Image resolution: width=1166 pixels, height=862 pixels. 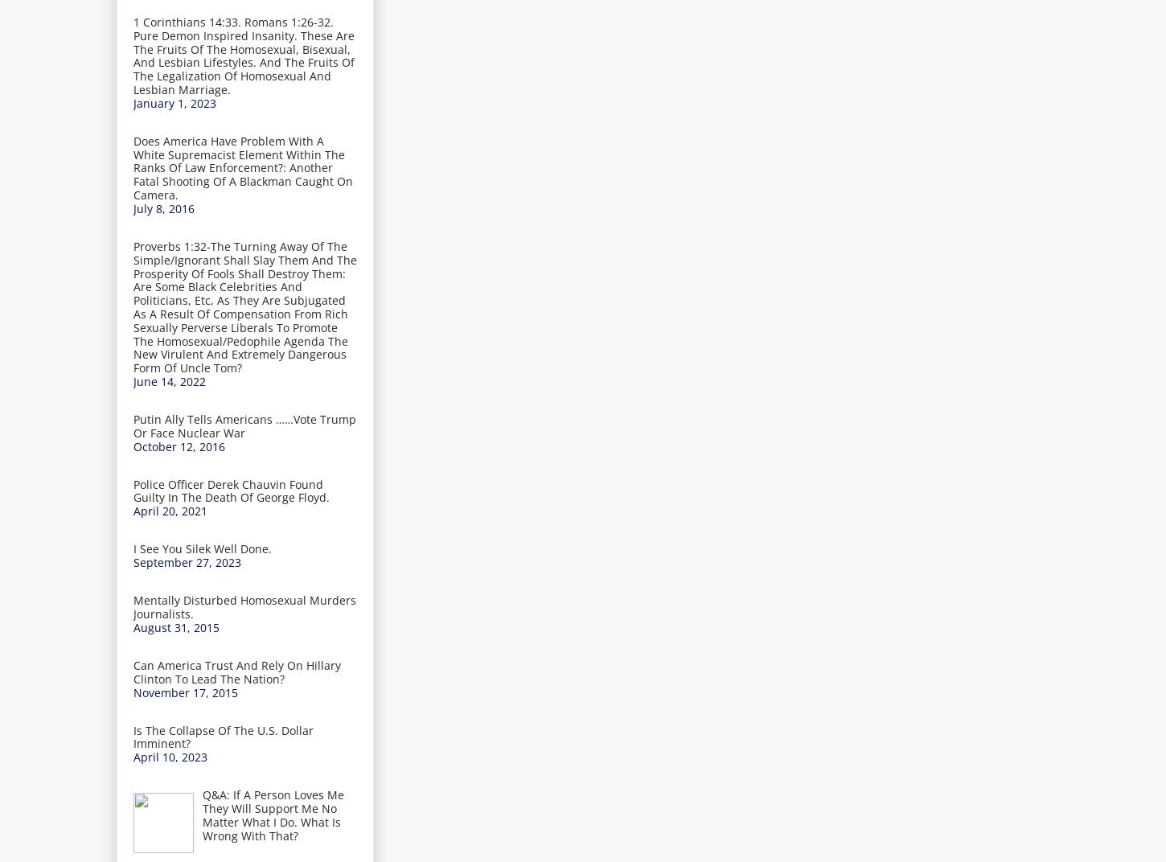 I want to click on '1 Corinthians 14:33. Romans 1:26-32. Pure Demon Inspired Insanity. These Are The Fruits Of The Homosexual, Bisexual, And Lesbian Lifestyles. And The Fruits Of The Legalization Of Homosexual And Lesbian Marriage.', so click(x=244, y=55).